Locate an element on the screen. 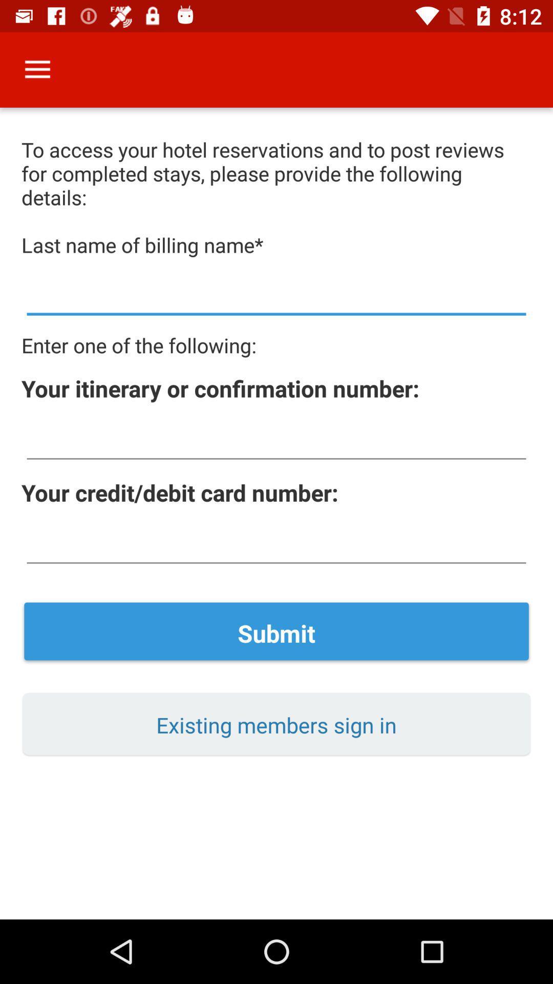  text input for last name is located at coordinates (276, 295).